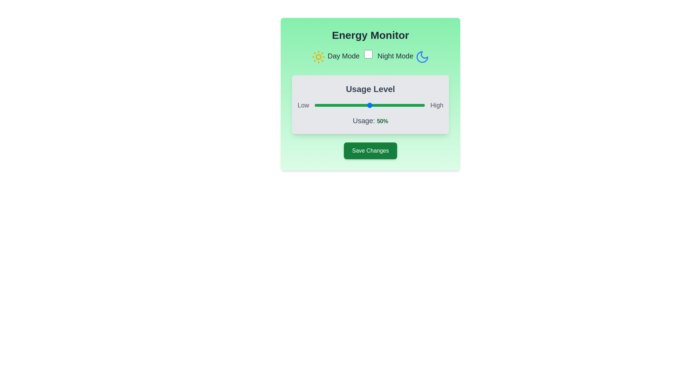  Describe the element at coordinates (409, 105) in the screenshot. I see `the slider` at that location.